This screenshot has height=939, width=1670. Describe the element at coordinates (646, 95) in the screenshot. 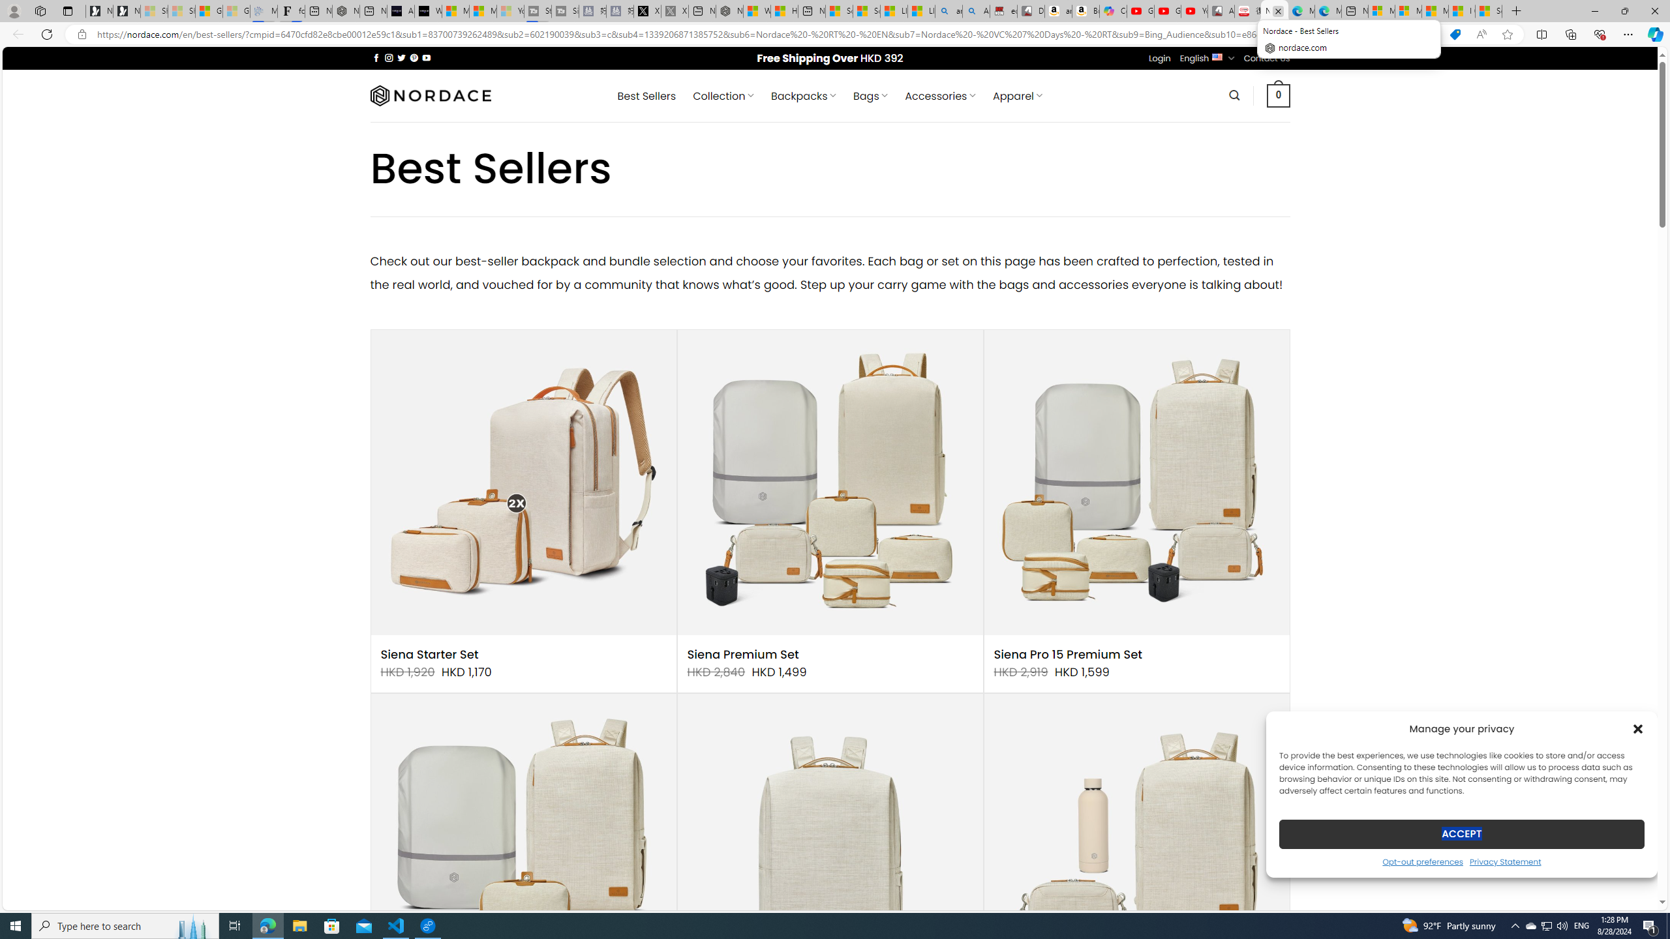

I see `' Best Sellers'` at that location.